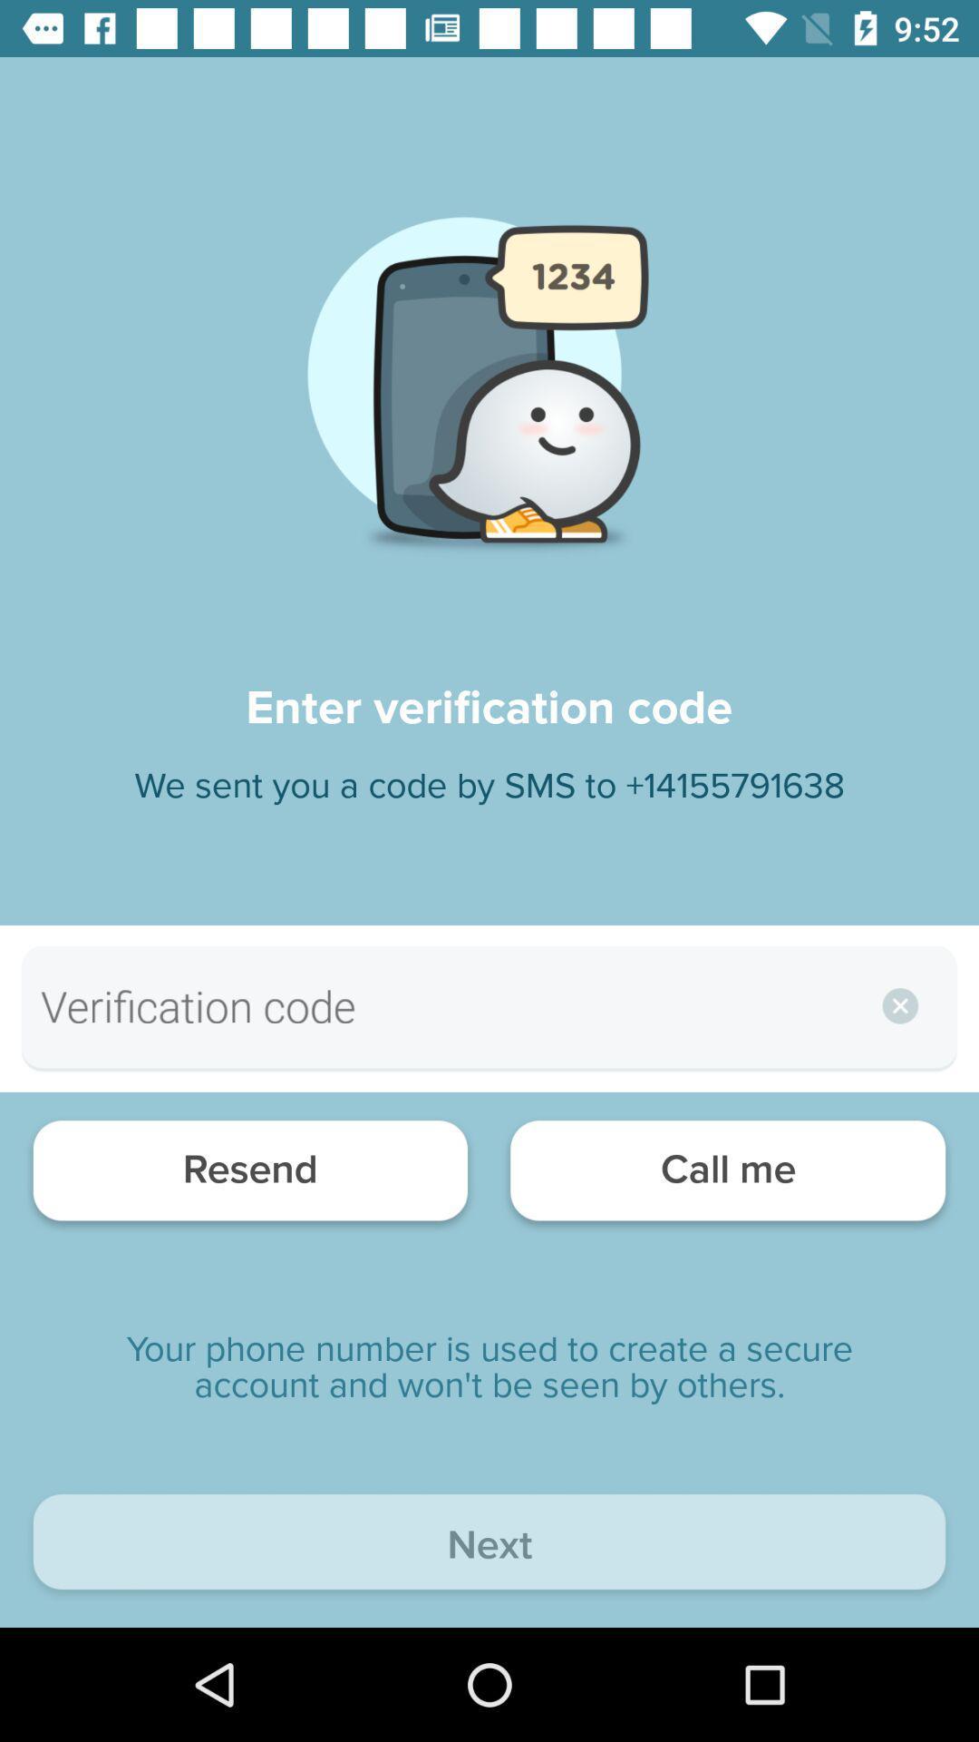 This screenshot has width=979, height=1742. What do you see at coordinates (895, 1004) in the screenshot?
I see `the close icon` at bounding box center [895, 1004].